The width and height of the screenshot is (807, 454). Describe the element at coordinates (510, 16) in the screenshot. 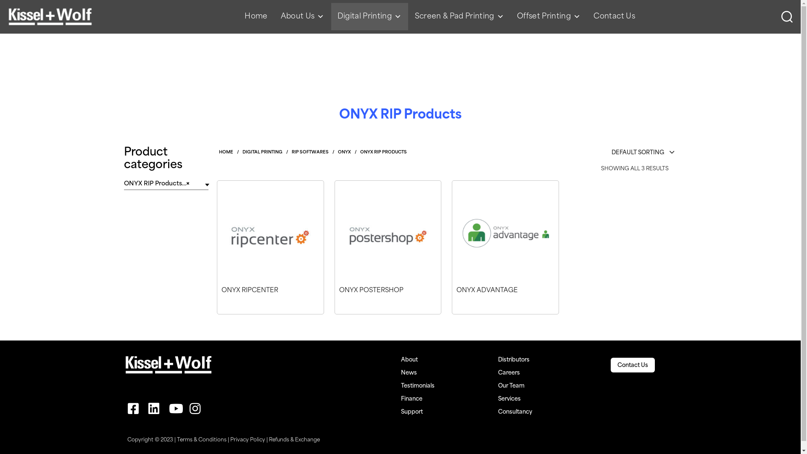

I see `'Offset Printing'` at that location.